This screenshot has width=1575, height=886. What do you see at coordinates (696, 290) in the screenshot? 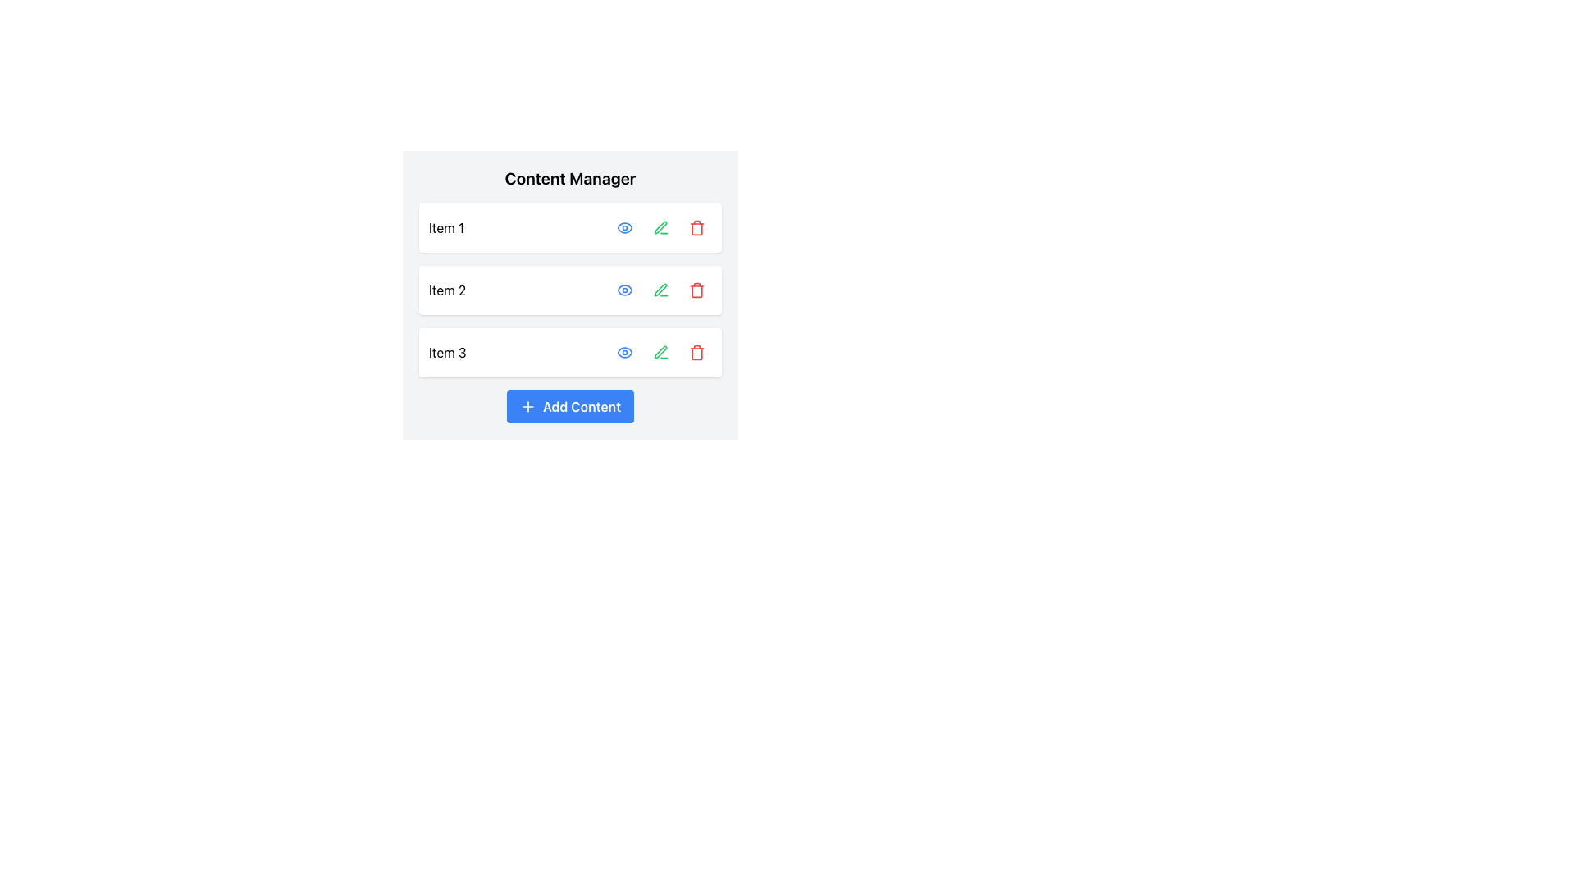
I see `the red delete button that corresponds to 'Item 2'` at bounding box center [696, 290].